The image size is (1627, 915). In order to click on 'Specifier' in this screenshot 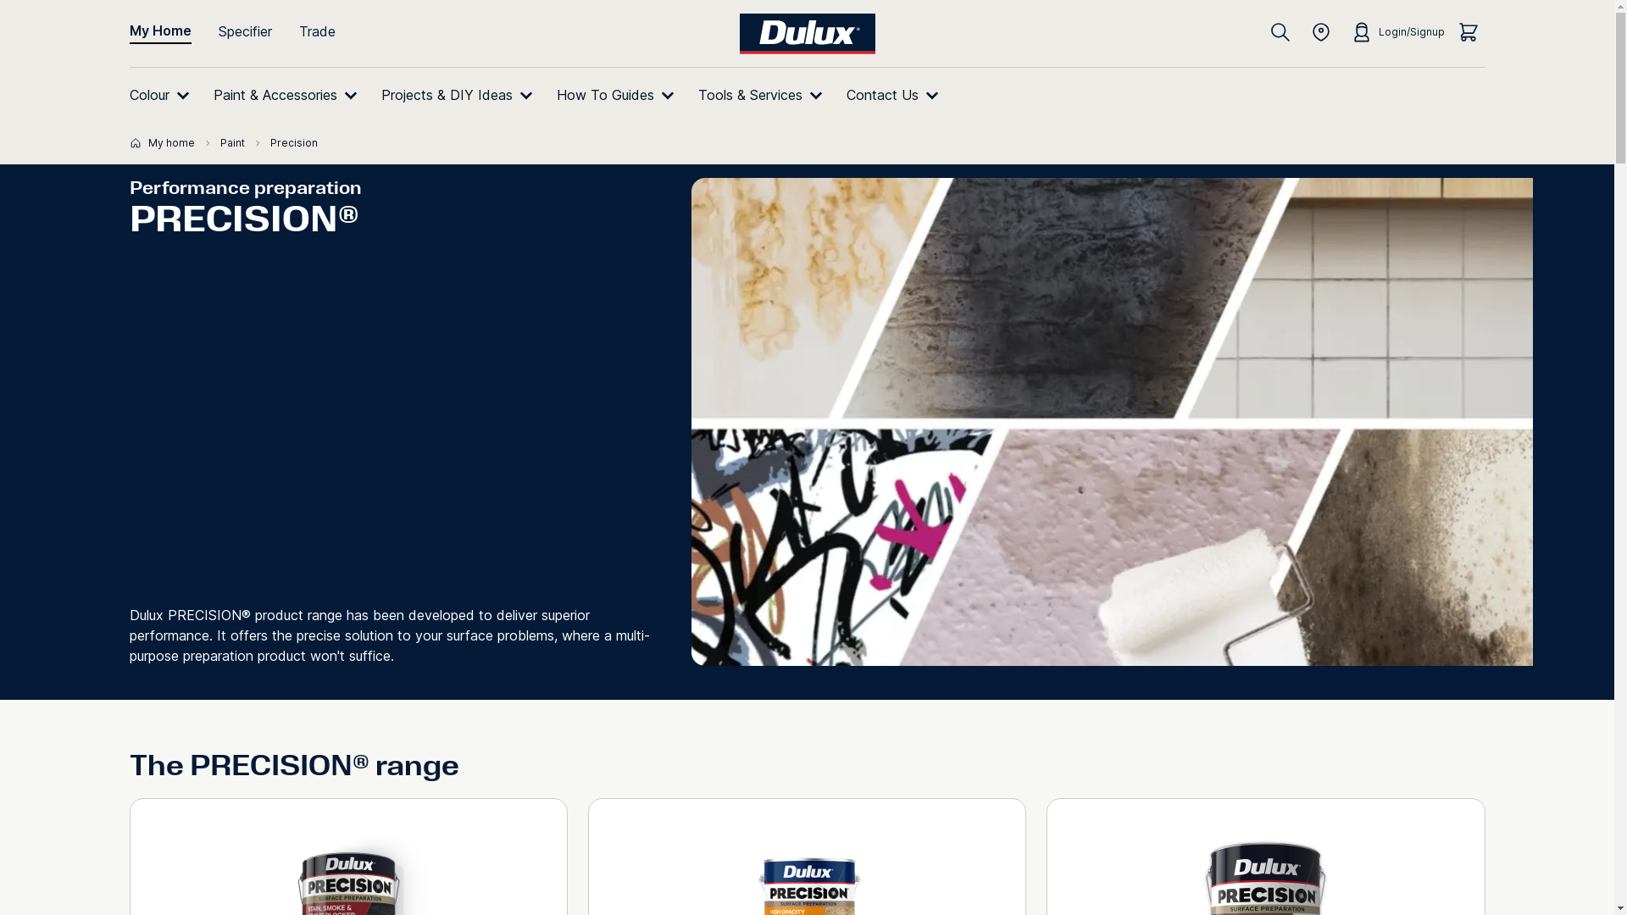, I will do `click(258, 31)`.